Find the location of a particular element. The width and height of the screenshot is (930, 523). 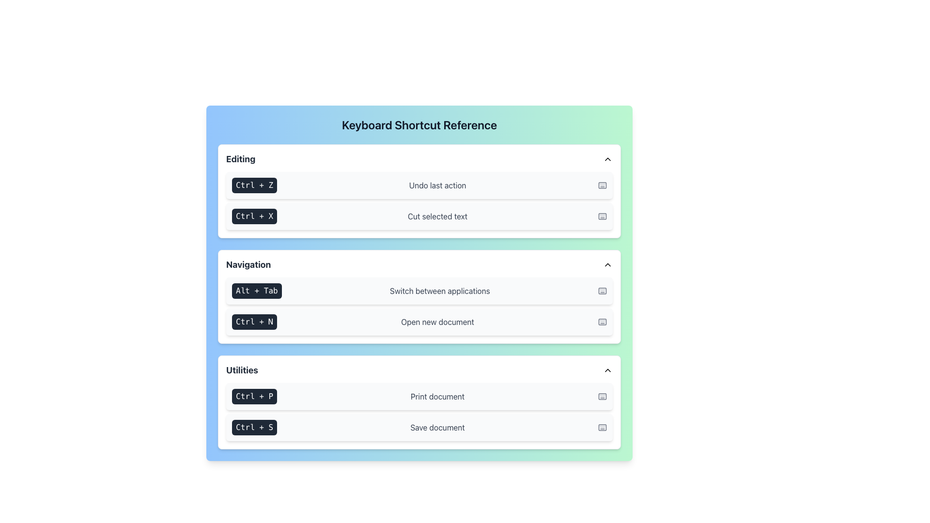

the row in the Informational Panel under the 'Navigation' section that displays the keyboard shortcut information for 'Alt + Tab' and 'Ctrl + N' to interact with it is located at coordinates (419, 296).